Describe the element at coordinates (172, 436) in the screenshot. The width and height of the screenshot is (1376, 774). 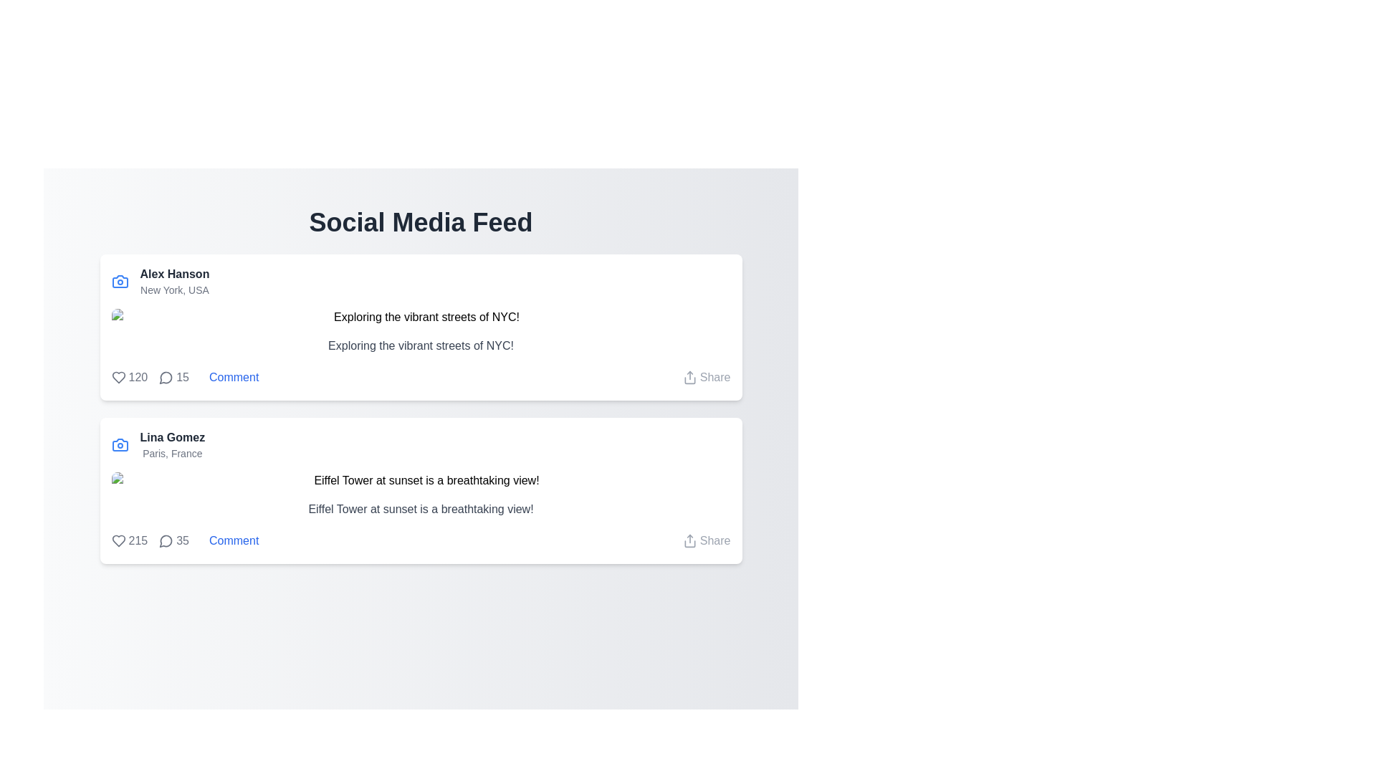
I see `the bold text label displaying 'Lina Gomez' located at the upper left corner of the social media post card, positioned above 'Paris, France'` at that location.